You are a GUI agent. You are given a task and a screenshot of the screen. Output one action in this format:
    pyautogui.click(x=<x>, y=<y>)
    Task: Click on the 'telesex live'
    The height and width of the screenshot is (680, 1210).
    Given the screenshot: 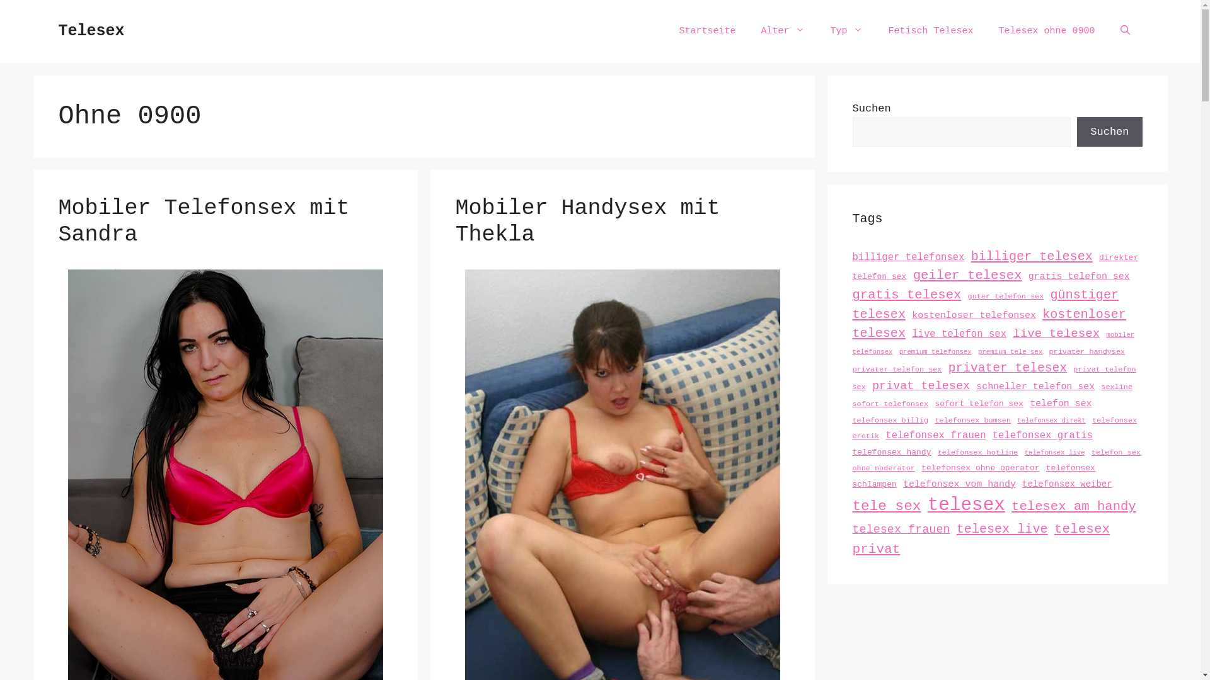 What is the action you would take?
    pyautogui.click(x=1001, y=529)
    